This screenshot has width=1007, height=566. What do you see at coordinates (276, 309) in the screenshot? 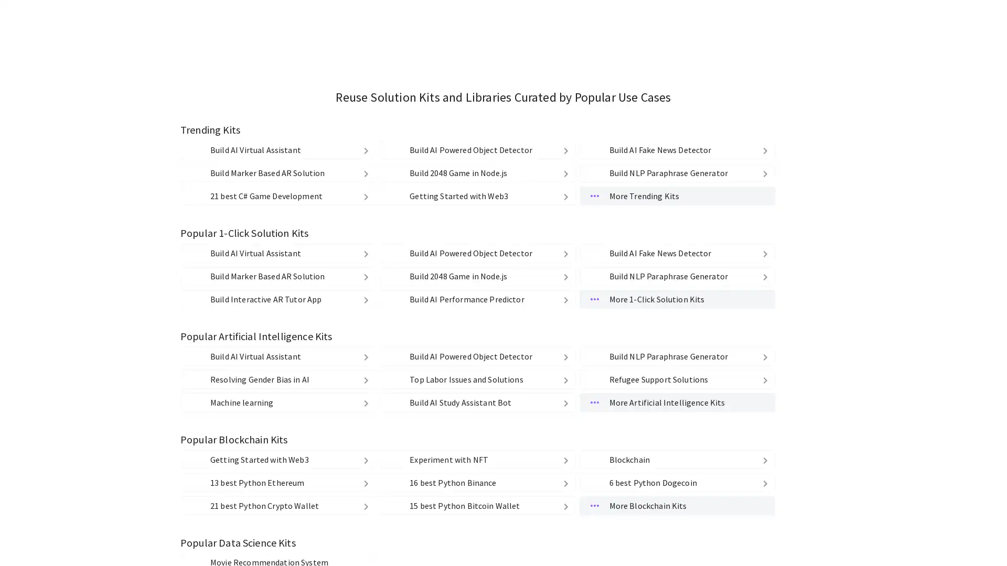
I see `Weak Copyleft` at bounding box center [276, 309].